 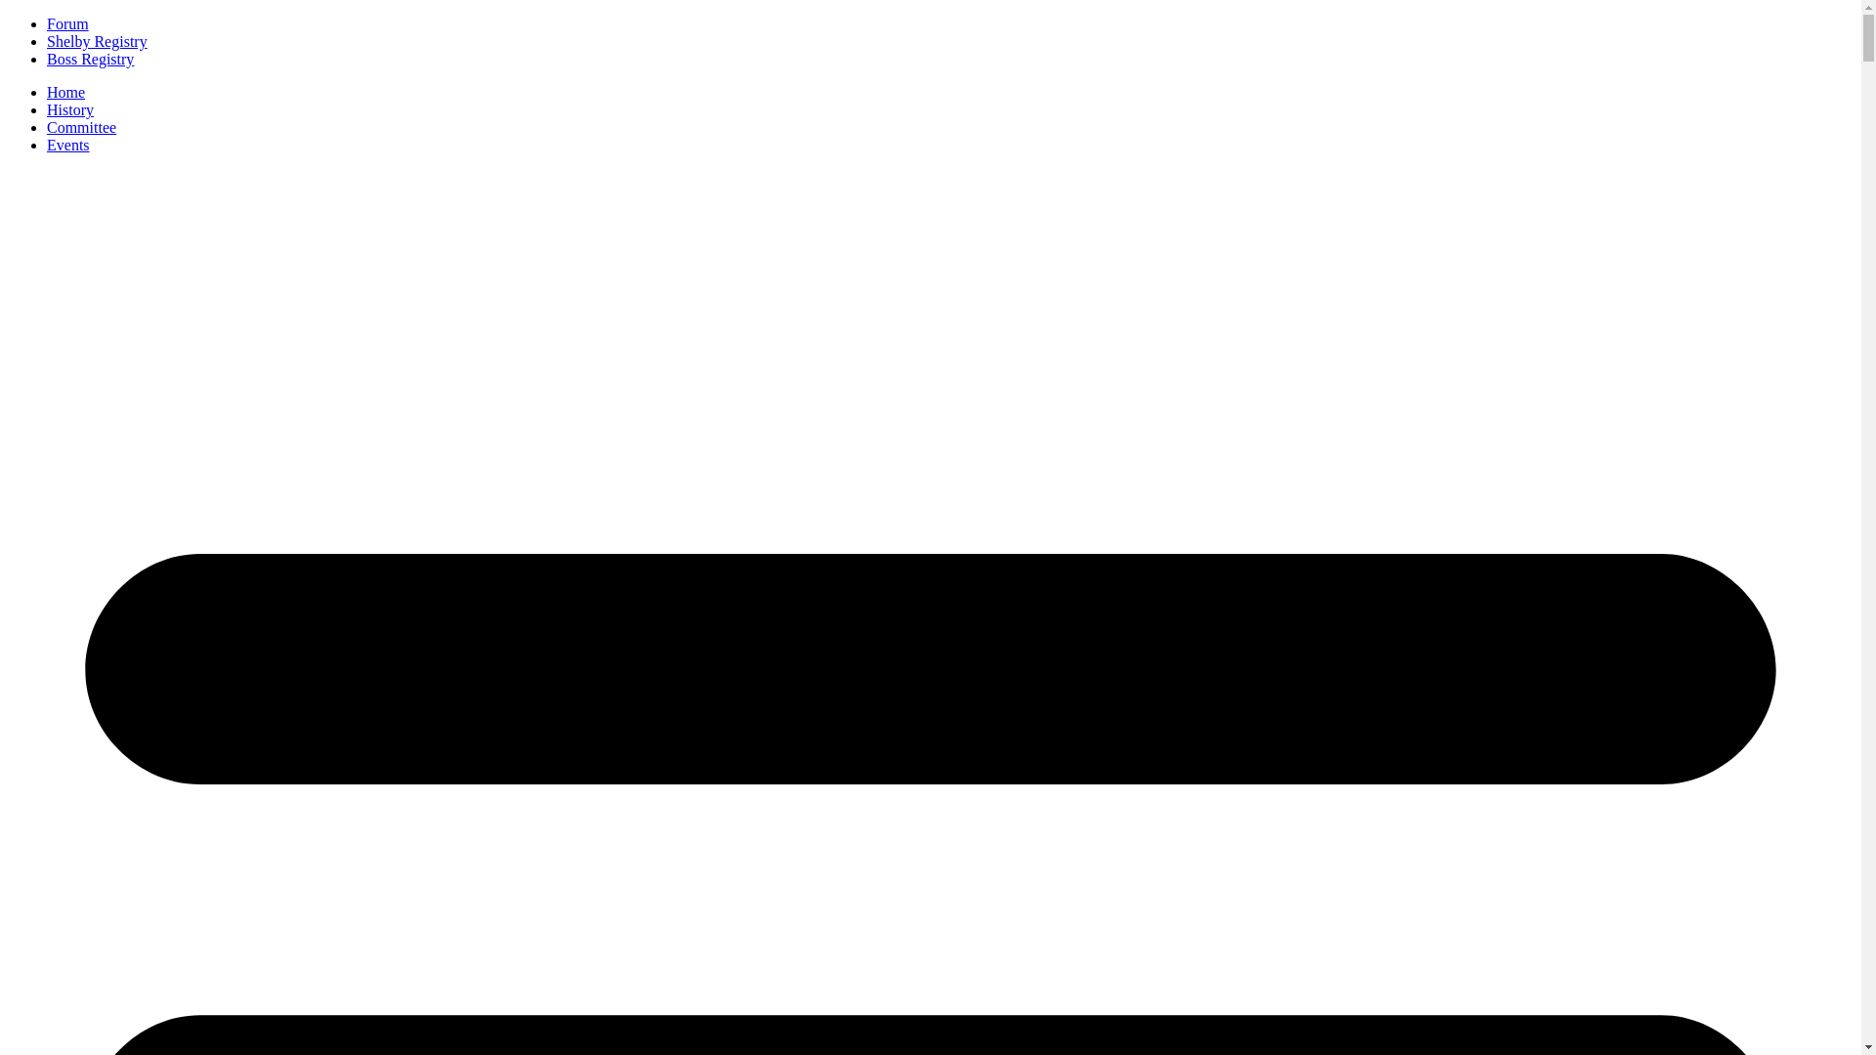 I want to click on 'Forum', so click(x=67, y=23).